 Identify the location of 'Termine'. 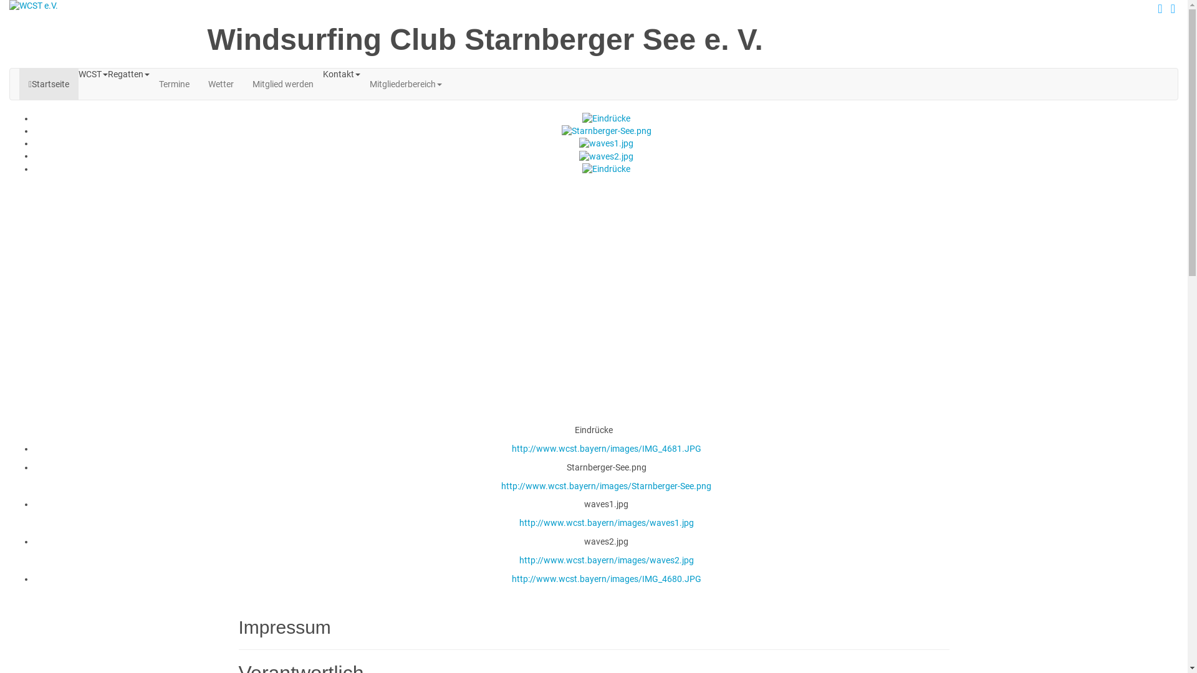
(150, 84).